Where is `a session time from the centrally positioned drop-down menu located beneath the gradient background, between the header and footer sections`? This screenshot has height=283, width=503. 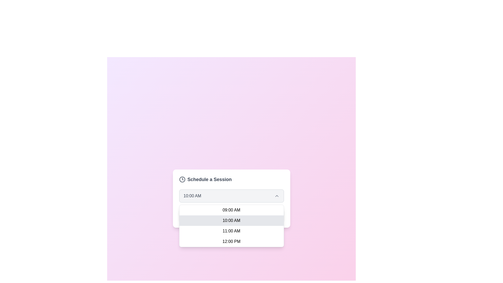
a session time from the centrally positioned drop-down menu located beneath the gradient background, between the header and footer sections is located at coordinates (231, 199).